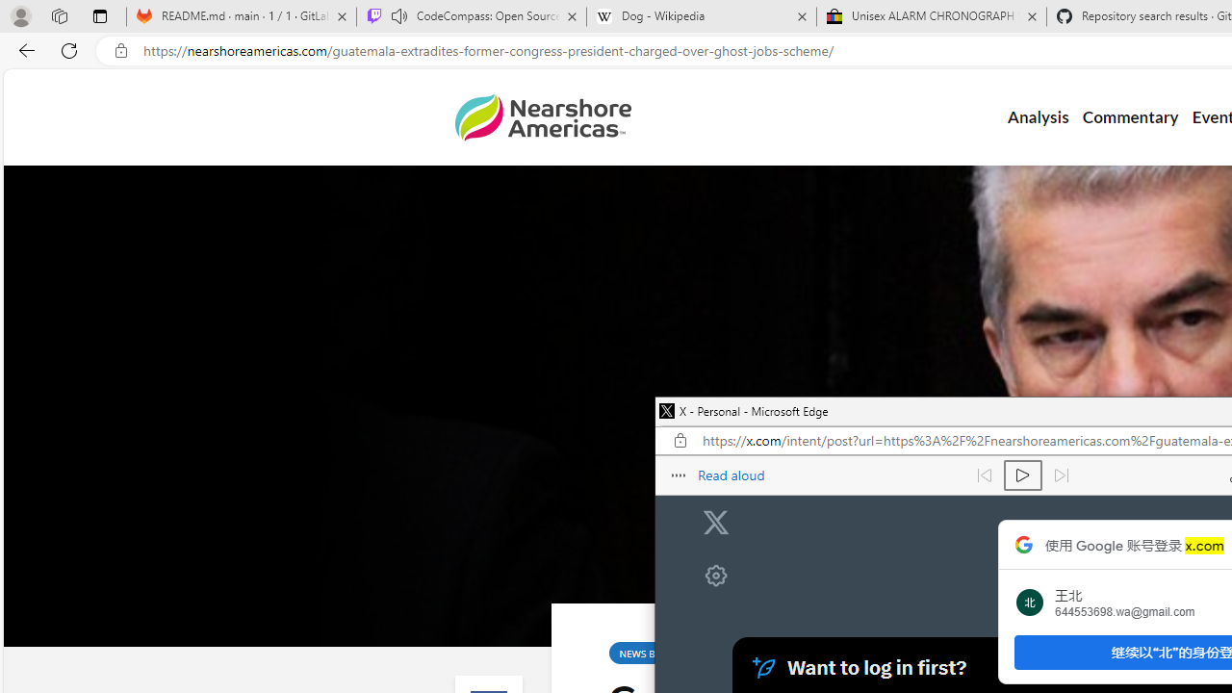  Describe the element at coordinates (1021, 475) in the screenshot. I see `'Continue to read aloud (Ctrl+Shift+U)'` at that location.